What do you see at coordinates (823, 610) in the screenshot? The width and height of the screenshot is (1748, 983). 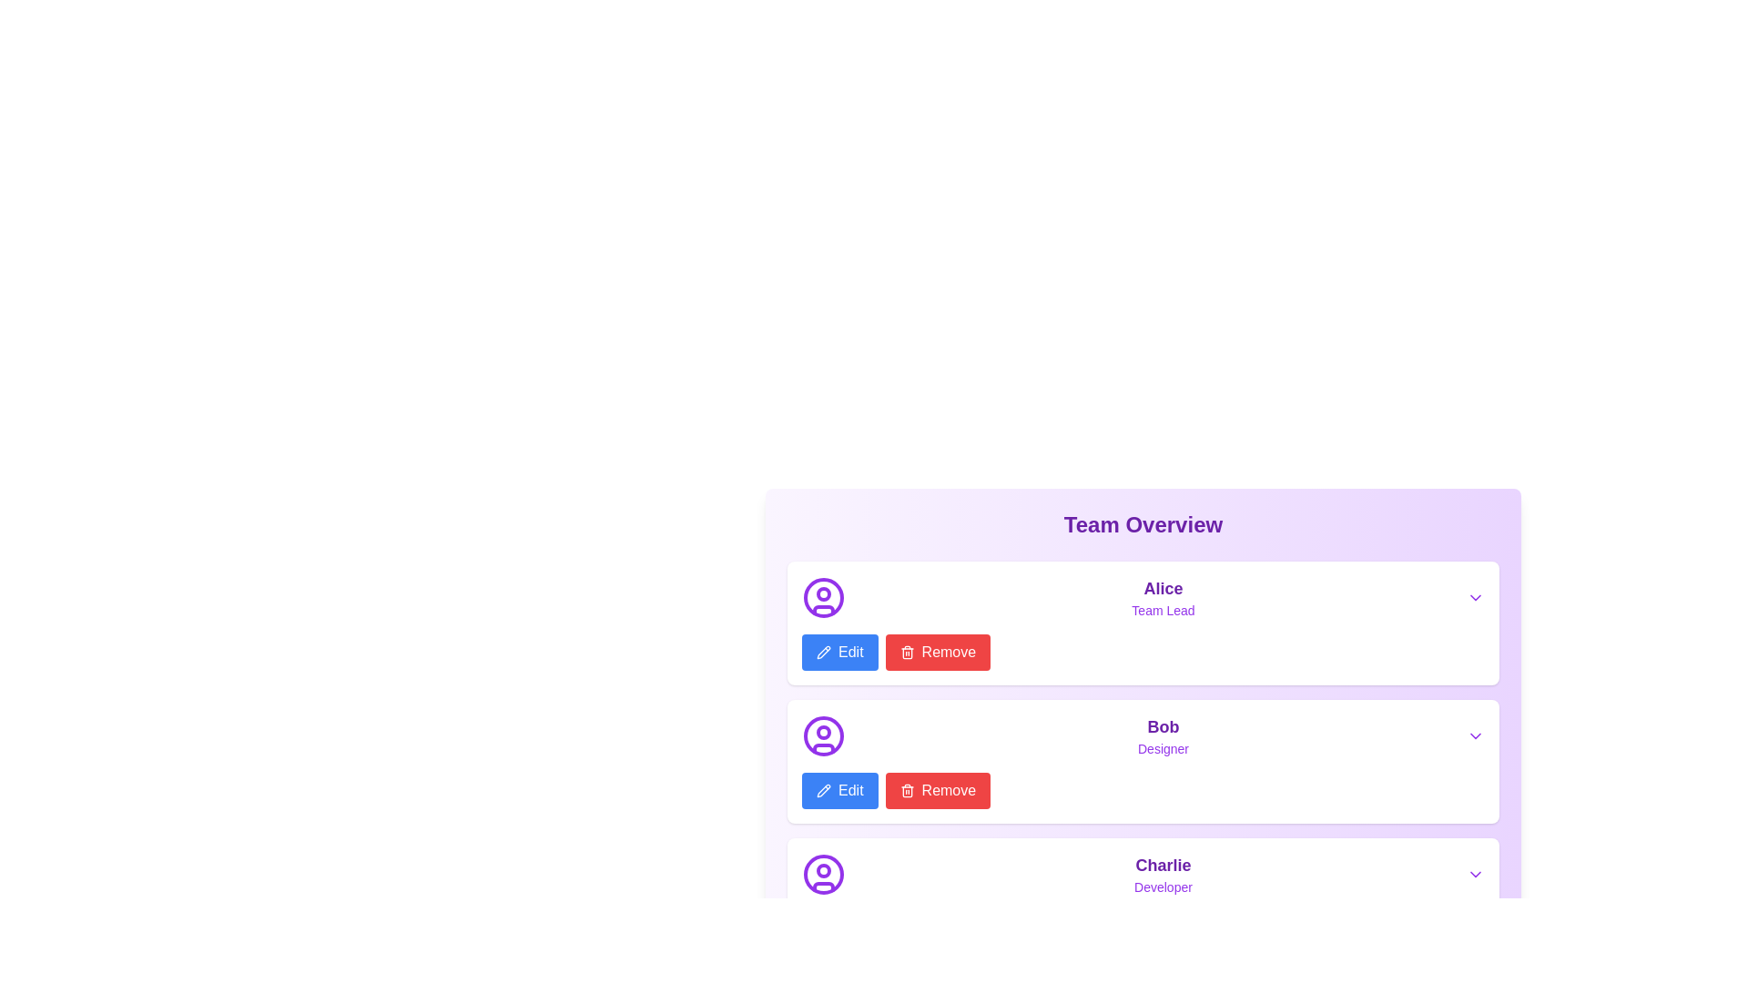 I see `the curved line segment located at the bottom of the purple user avatar icon for 'Alice' in the Team Overview interface` at bounding box center [823, 610].